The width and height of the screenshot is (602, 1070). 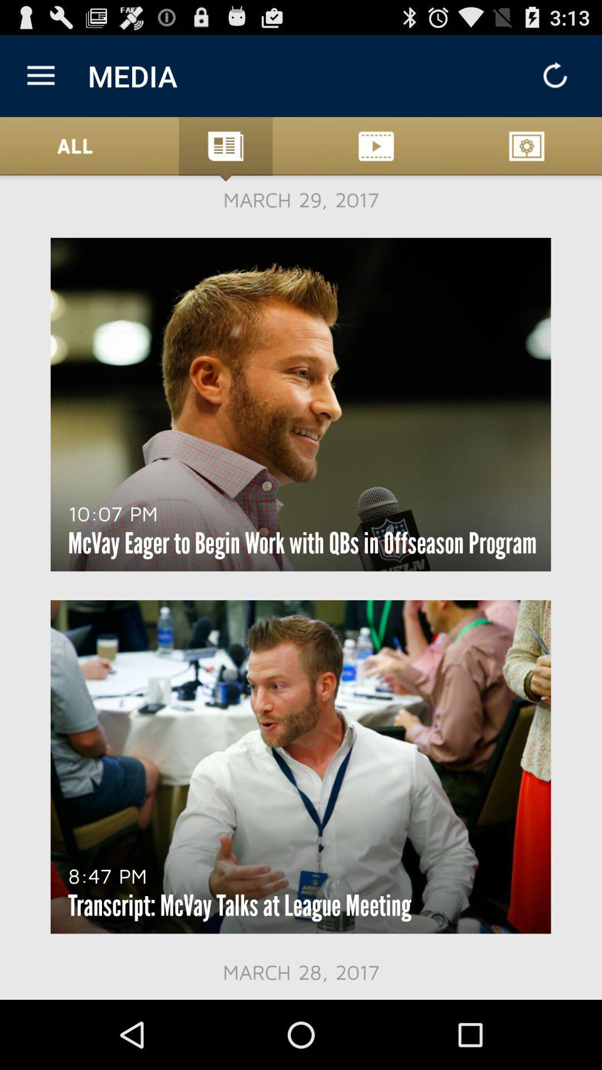 What do you see at coordinates (108, 875) in the screenshot?
I see `the 8:47 pm item` at bounding box center [108, 875].